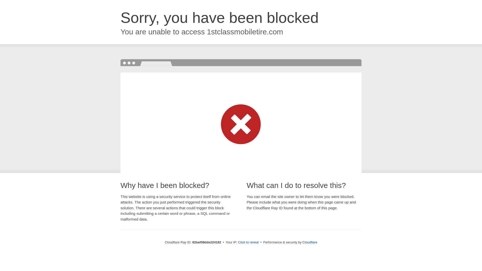 The height and width of the screenshot is (271, 482). What do you see at coordinates (248, 242) in the screenshot?
I see `'Click to reveal'` at bounding box center [248, 242].